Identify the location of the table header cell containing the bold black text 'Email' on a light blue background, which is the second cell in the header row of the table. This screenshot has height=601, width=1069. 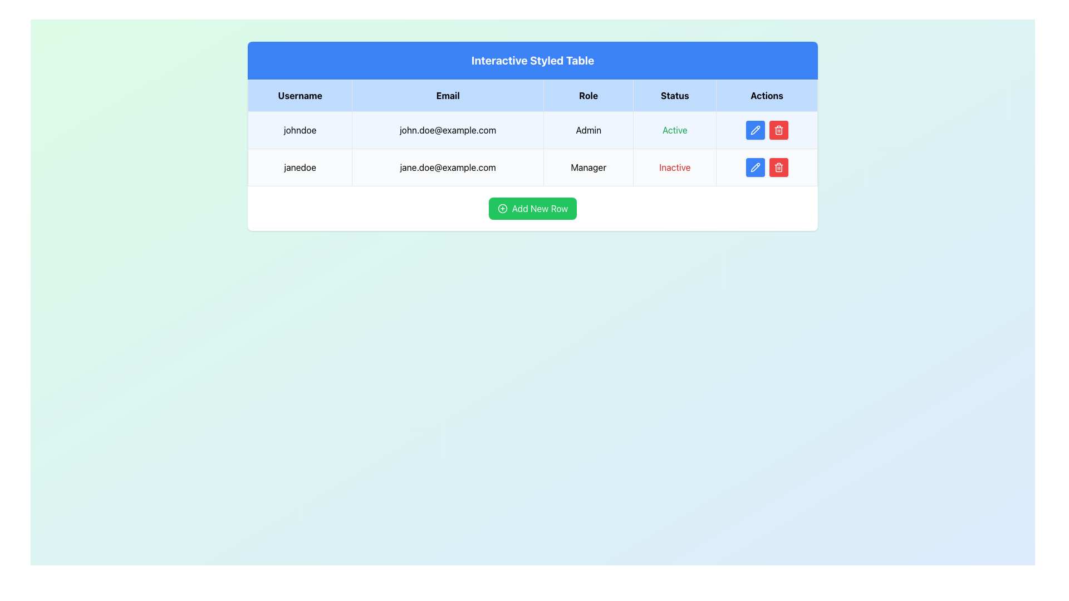
(448, 95).